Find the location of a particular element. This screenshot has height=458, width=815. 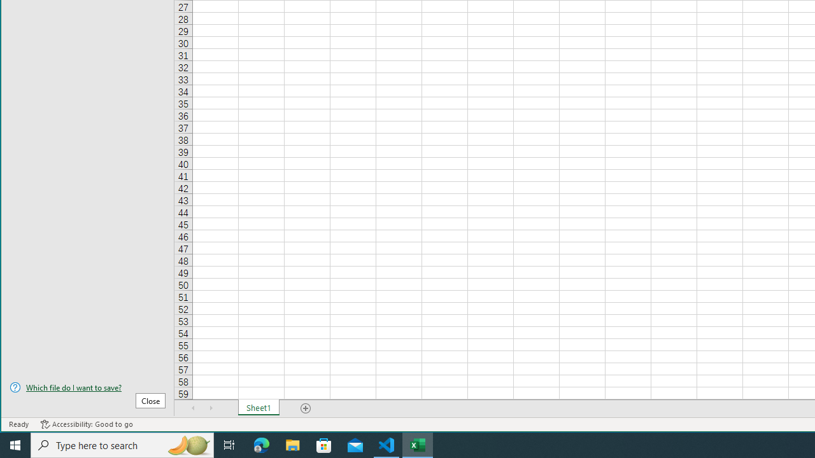

'Visual Studio Code - 1 running window' is located at coordinates (386, 444).